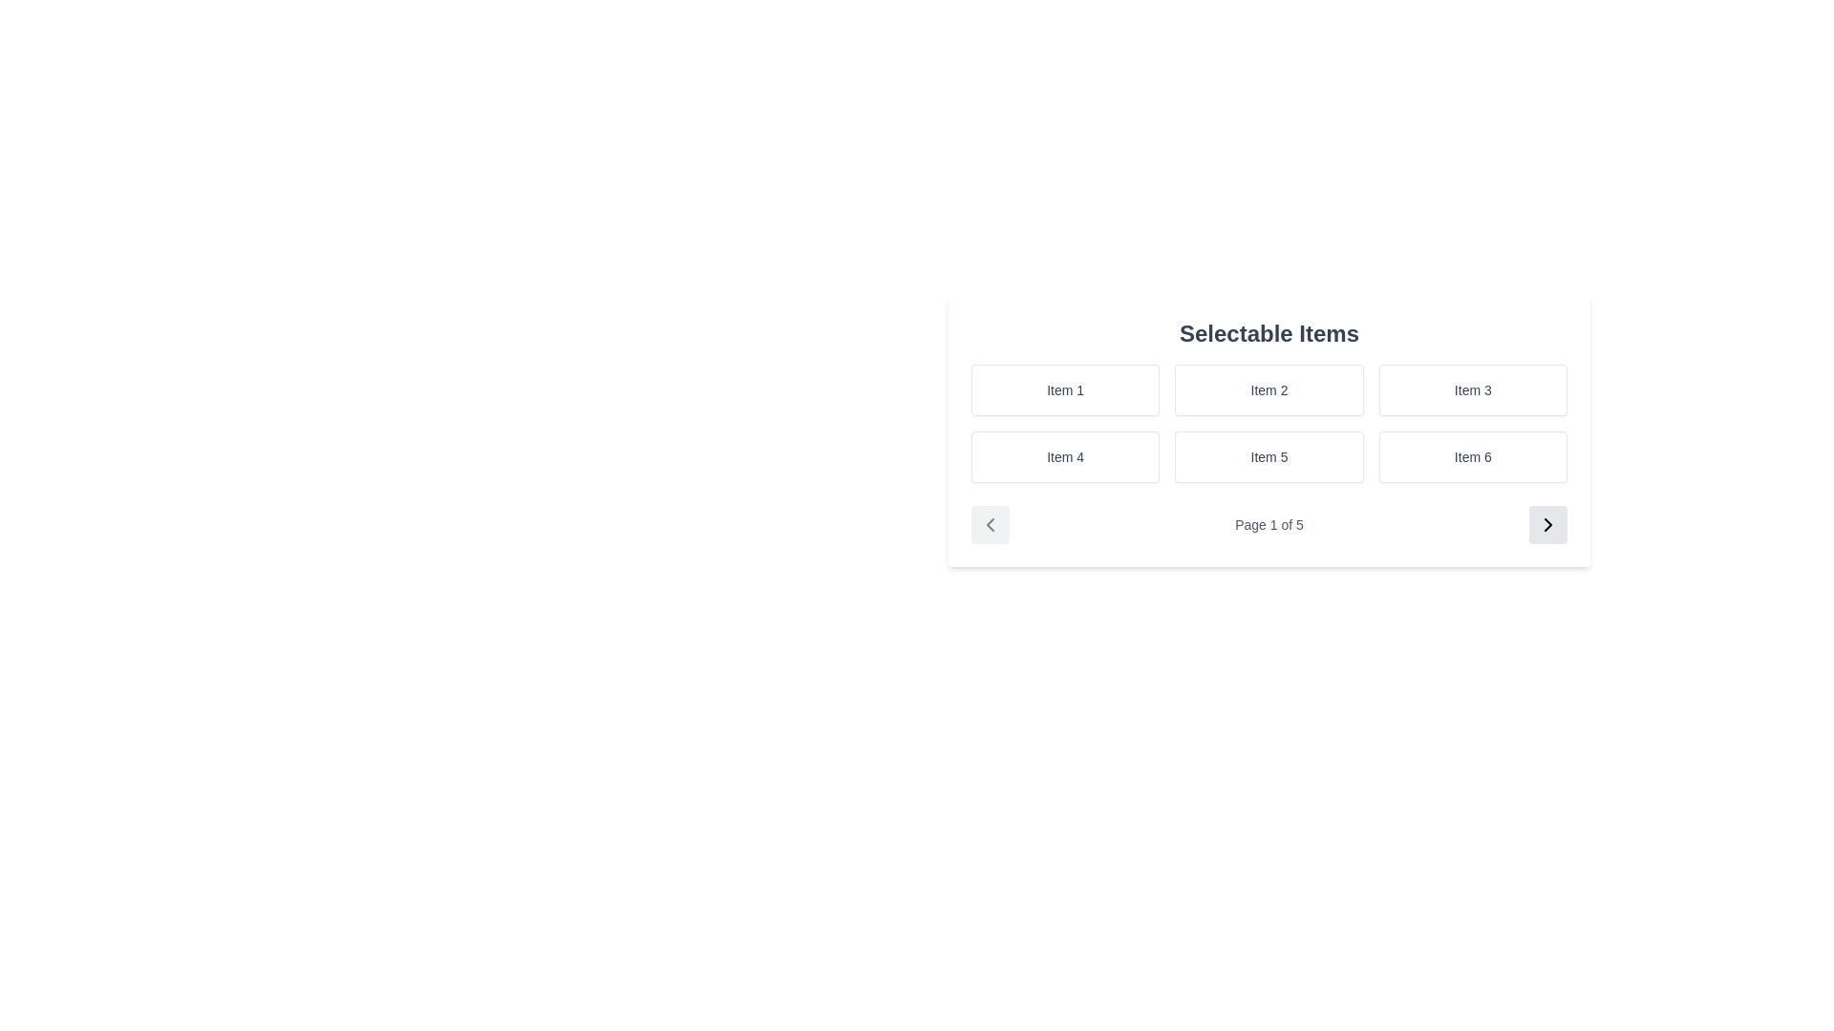  What do you see at coordinates (1064, 456) in the screenshot?
I see `text from the first text label in the second row of selectable items, which is part of a grid structure` at bounding box center [1064, 456].